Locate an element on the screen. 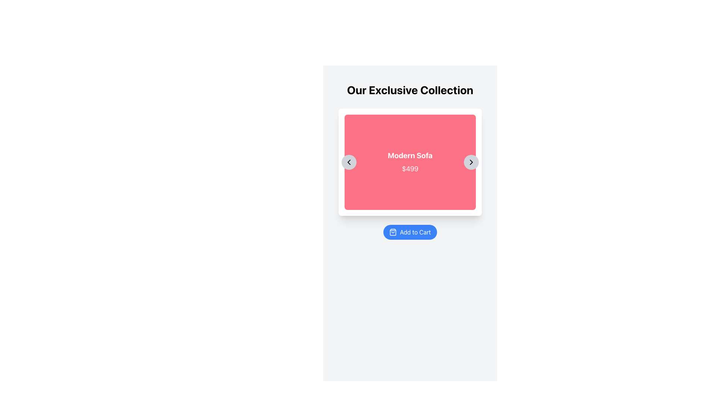 The image size is (716, 402). the rightward-pointing chevron icon located inside a circular button at the right side of the product card is located at coordinates (471, 162).